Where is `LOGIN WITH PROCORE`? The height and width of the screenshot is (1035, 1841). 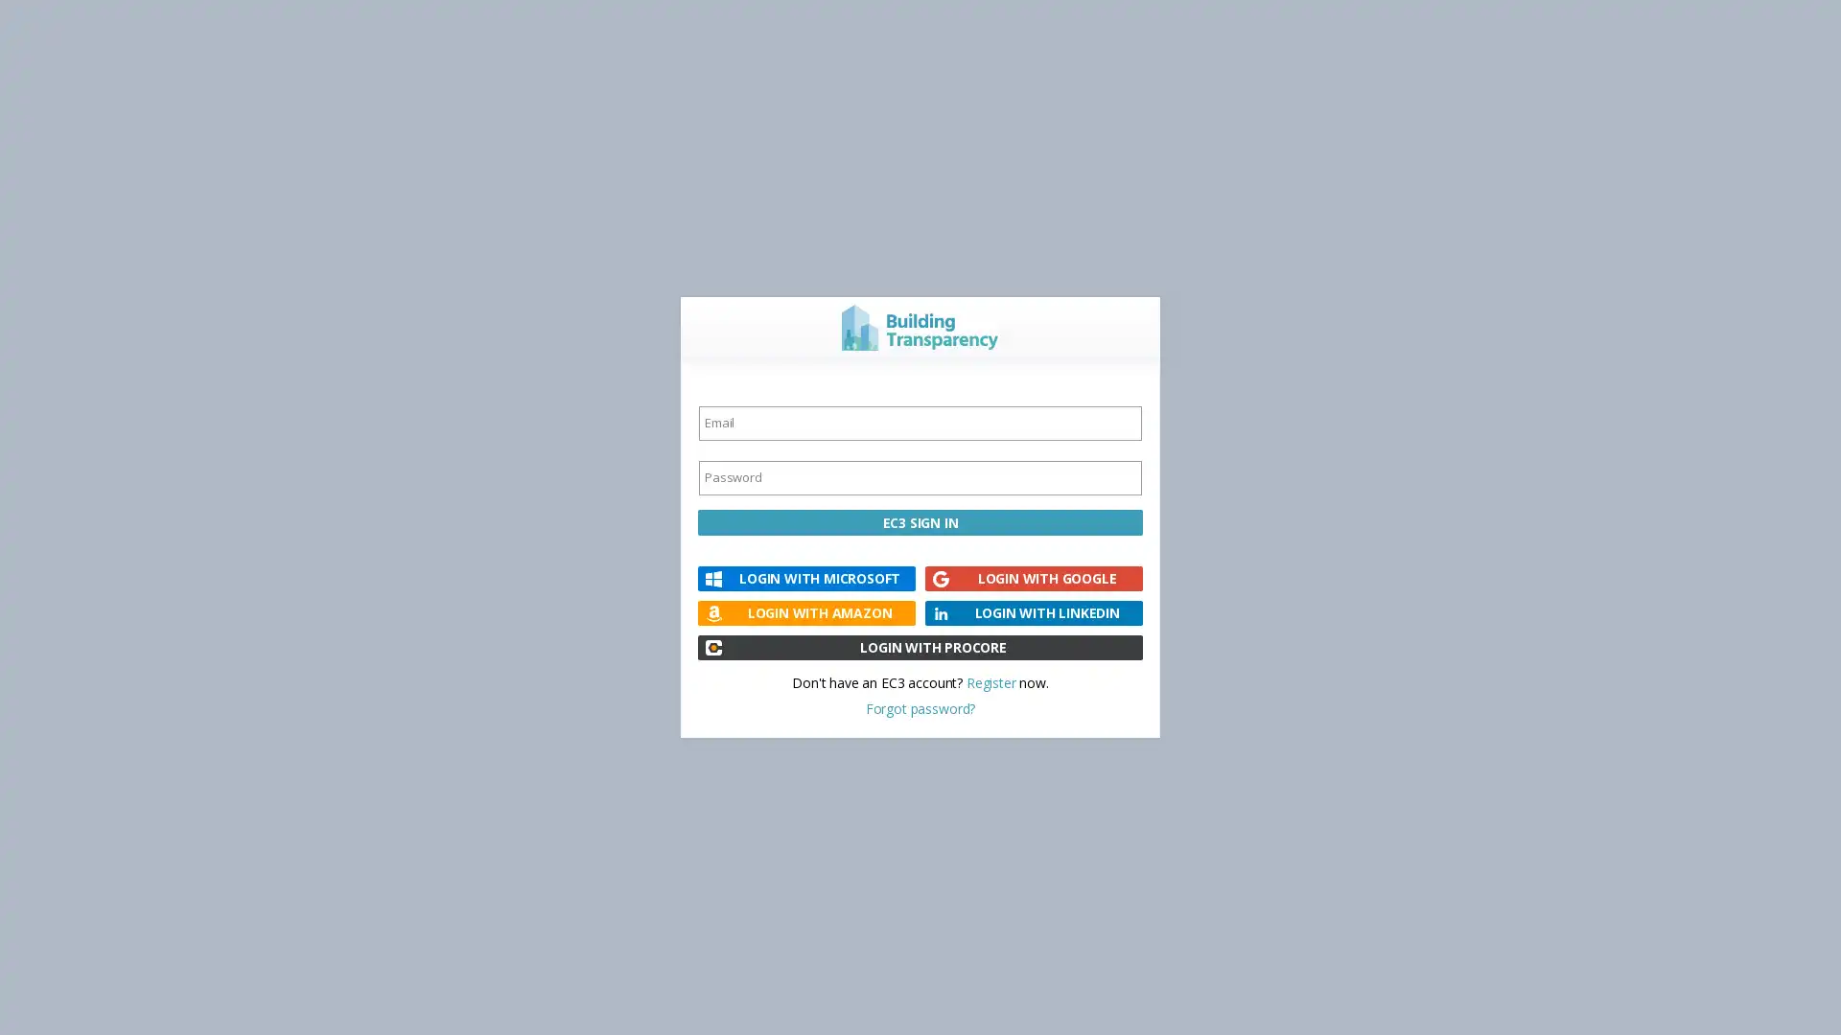 LOGIN WITH PROCORE is located at coordinates (920, 657).